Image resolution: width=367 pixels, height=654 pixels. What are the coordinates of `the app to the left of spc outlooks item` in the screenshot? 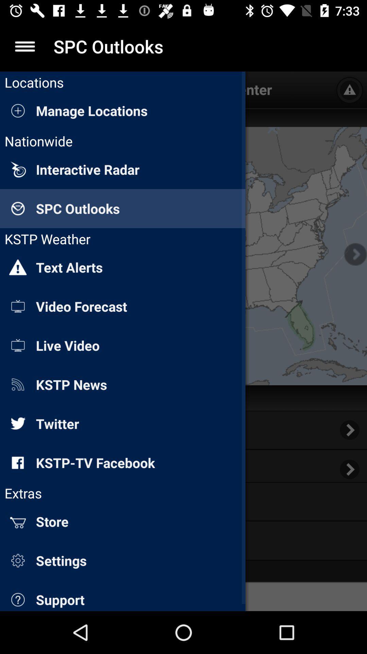 It's located at (24, 46).